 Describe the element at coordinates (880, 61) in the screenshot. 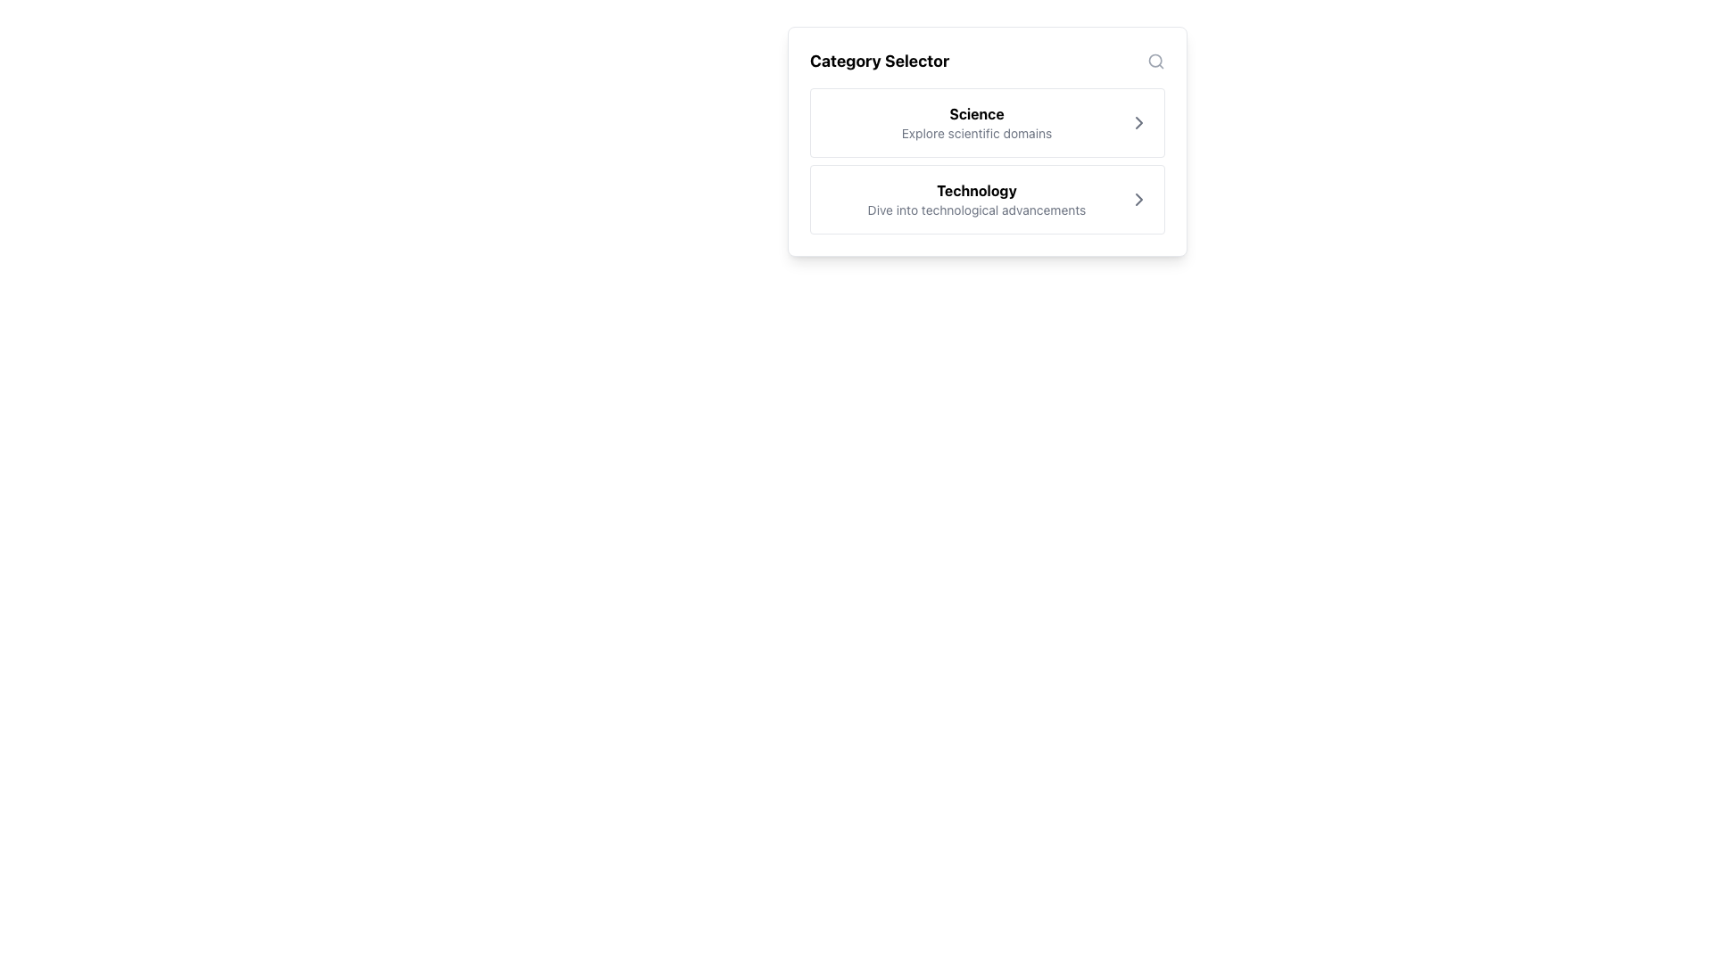

I see `the static text element that serves as the header or title at the top-left corner of the interface panel` at that location.